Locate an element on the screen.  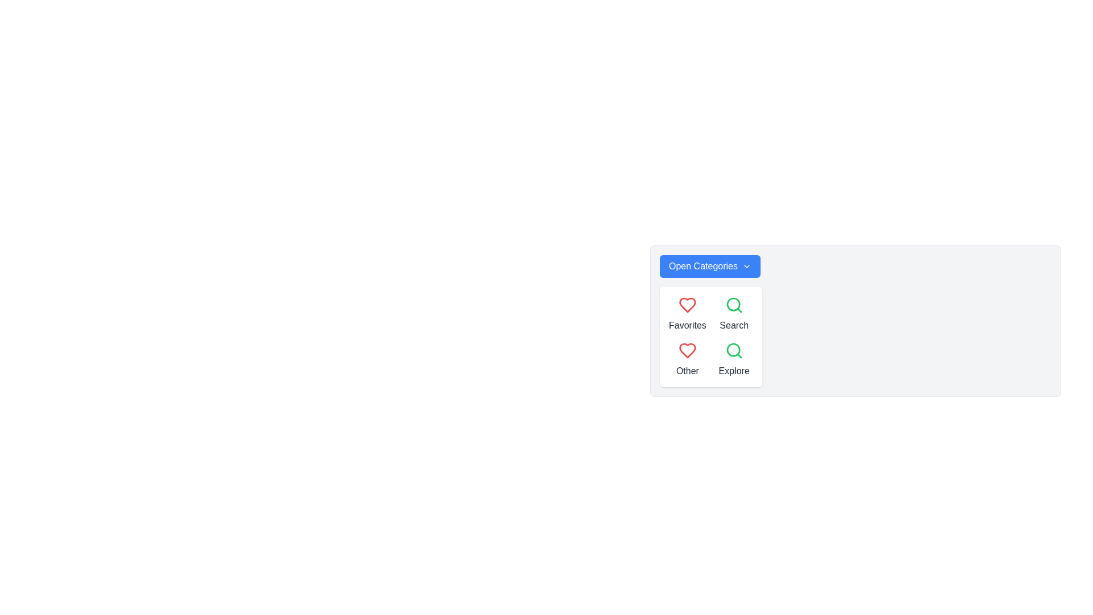
the search icon located in the second position of a vertical arrangement within a pop-up menu is located at coordinates (734, 305).